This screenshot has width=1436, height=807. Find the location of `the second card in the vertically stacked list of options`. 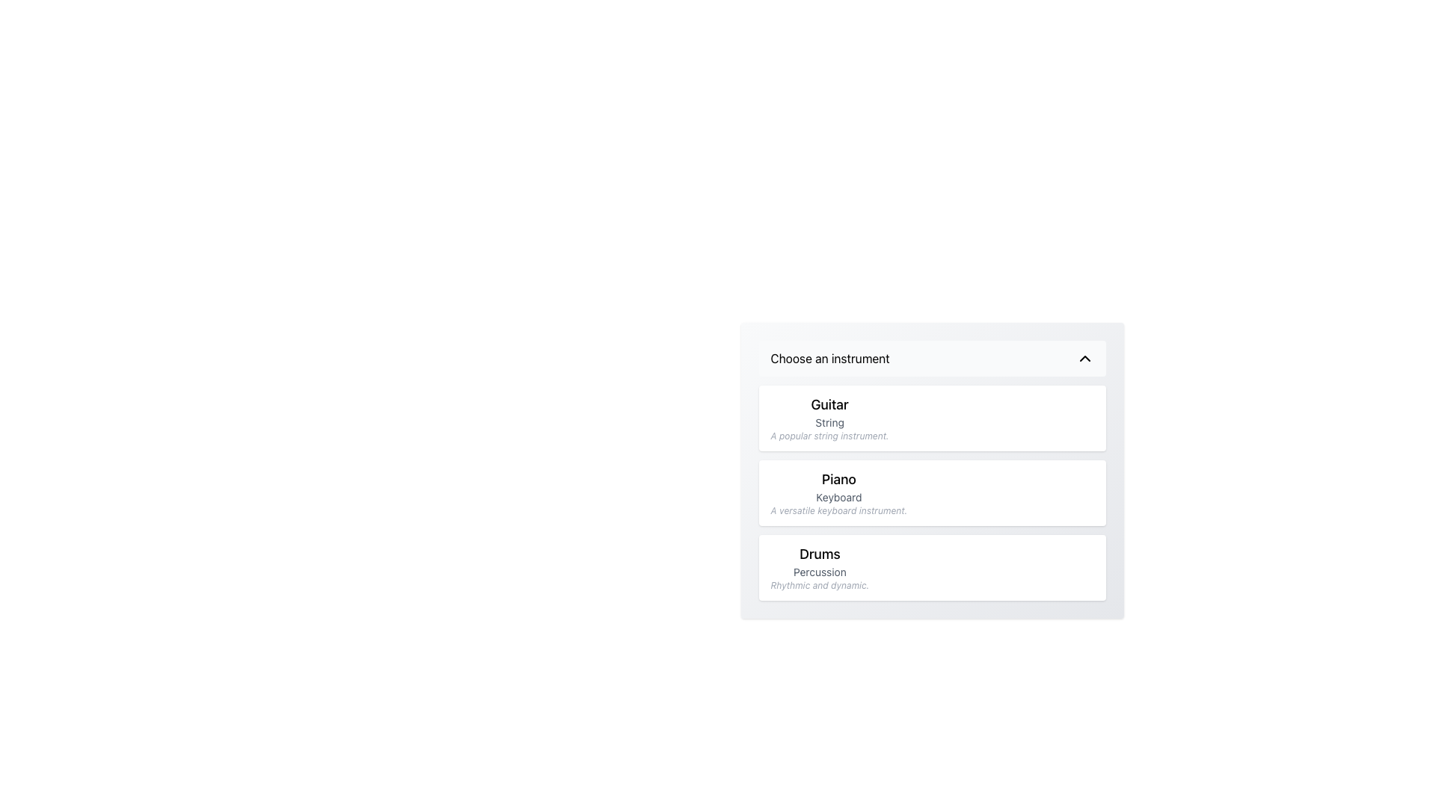

the second card in the vertically stacked list of options is located at coordinates (931, 492).